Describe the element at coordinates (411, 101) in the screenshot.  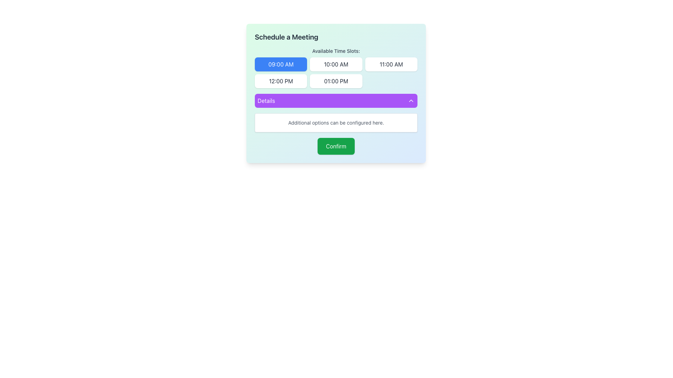
I see `the toggle button on the far right side of the purple 'Details' bar` at that location.